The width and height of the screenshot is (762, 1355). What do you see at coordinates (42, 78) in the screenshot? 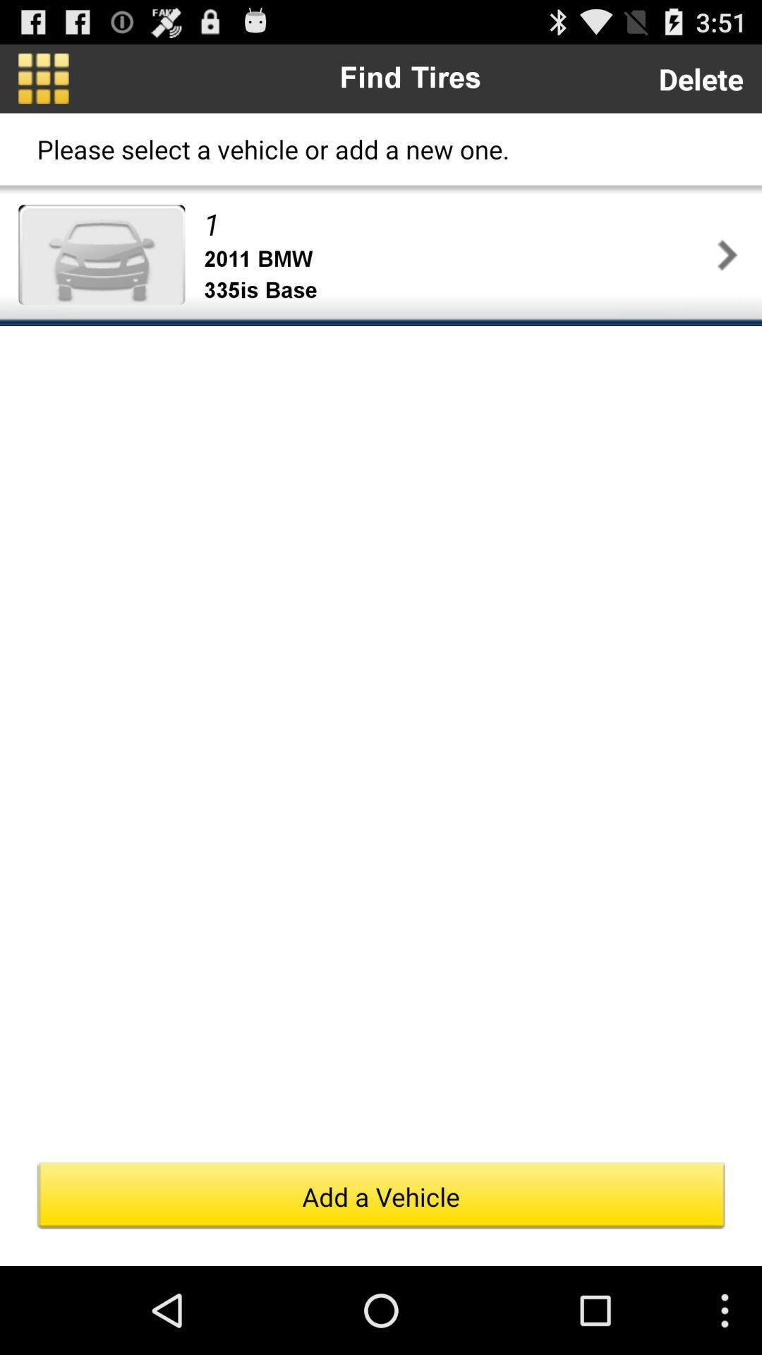
I see `open menu` at bounding box center [42, 78].